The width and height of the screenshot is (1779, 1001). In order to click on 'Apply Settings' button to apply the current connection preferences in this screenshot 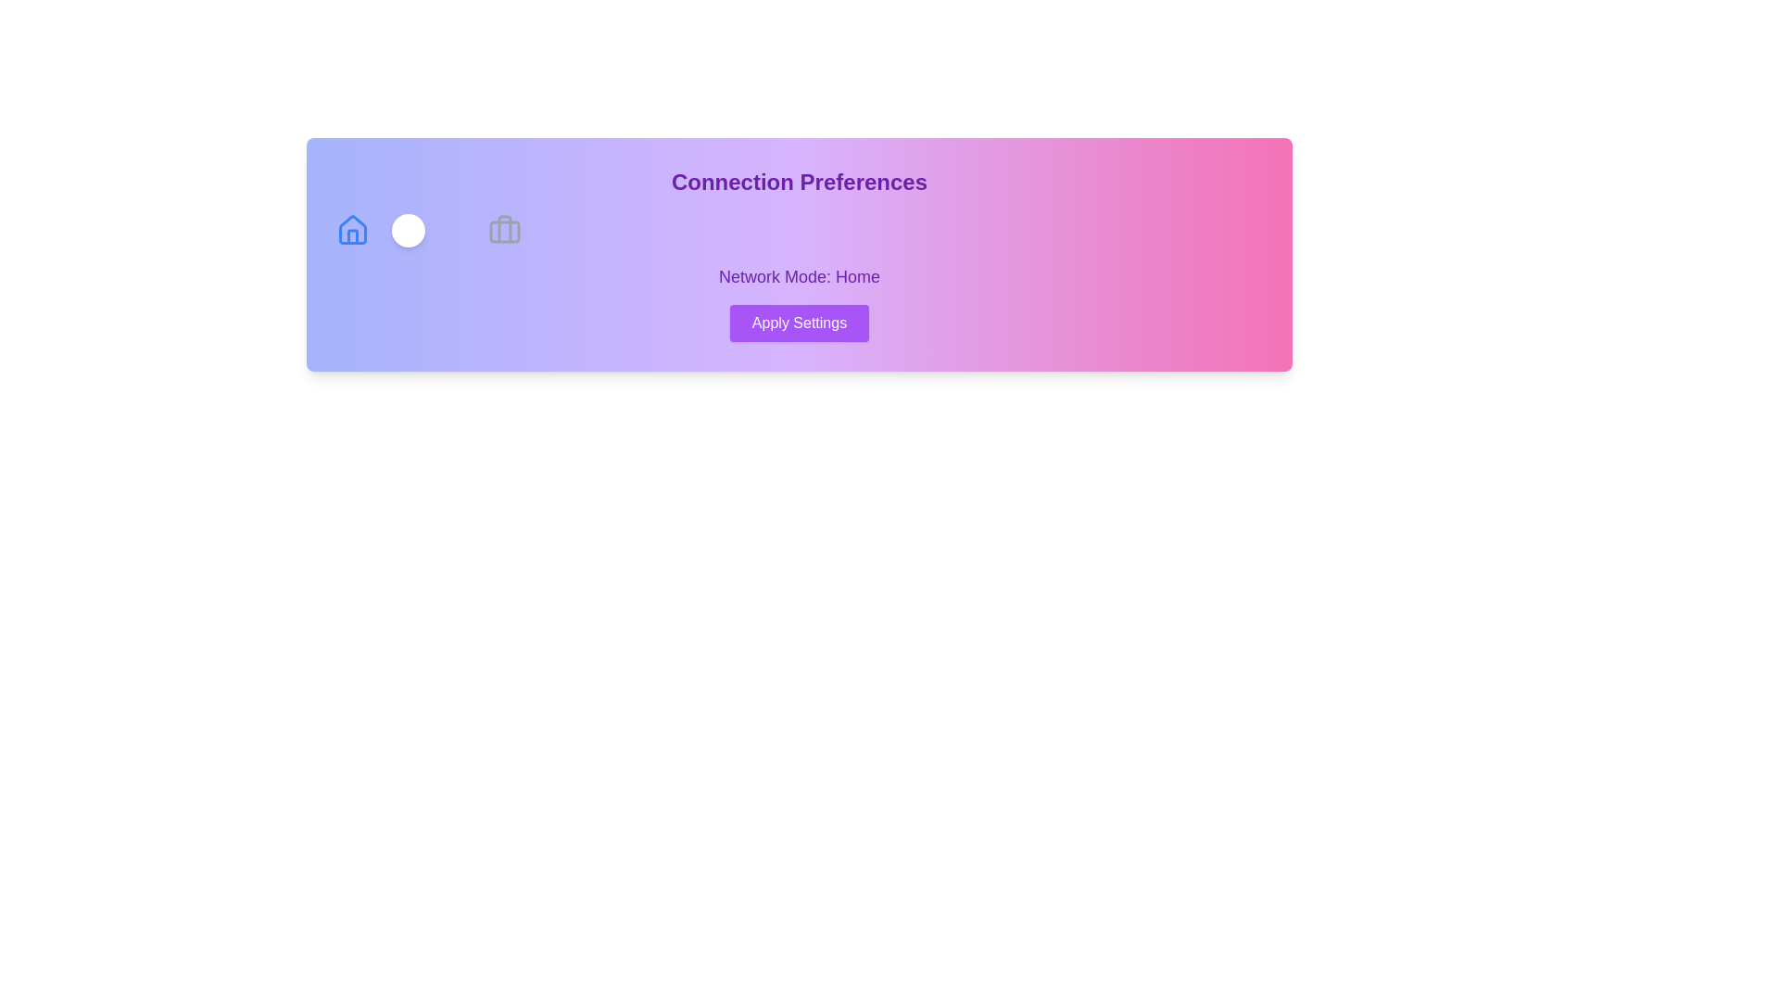, I will do `click(800, 322)`.